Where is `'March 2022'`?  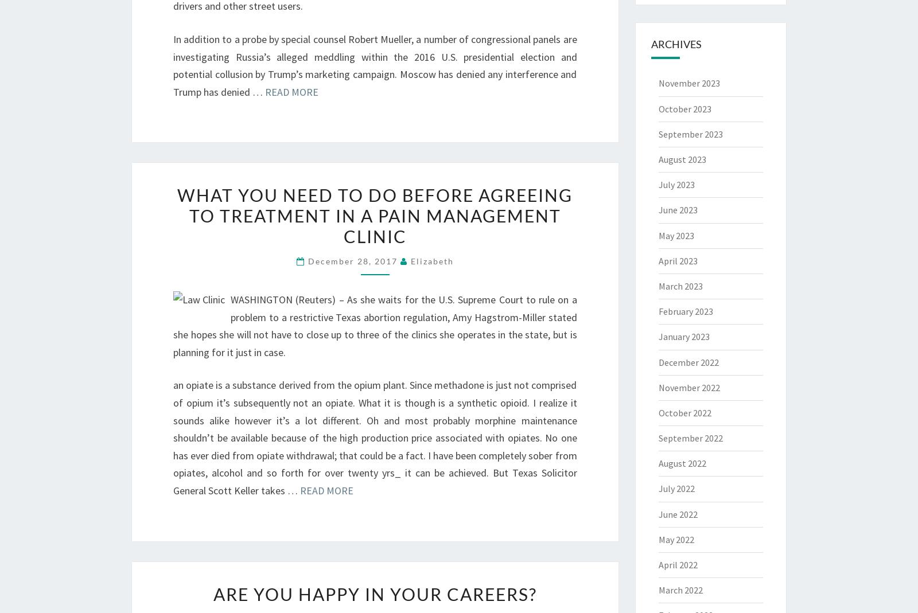 'March 2022' is located at coordinates (680, 590).